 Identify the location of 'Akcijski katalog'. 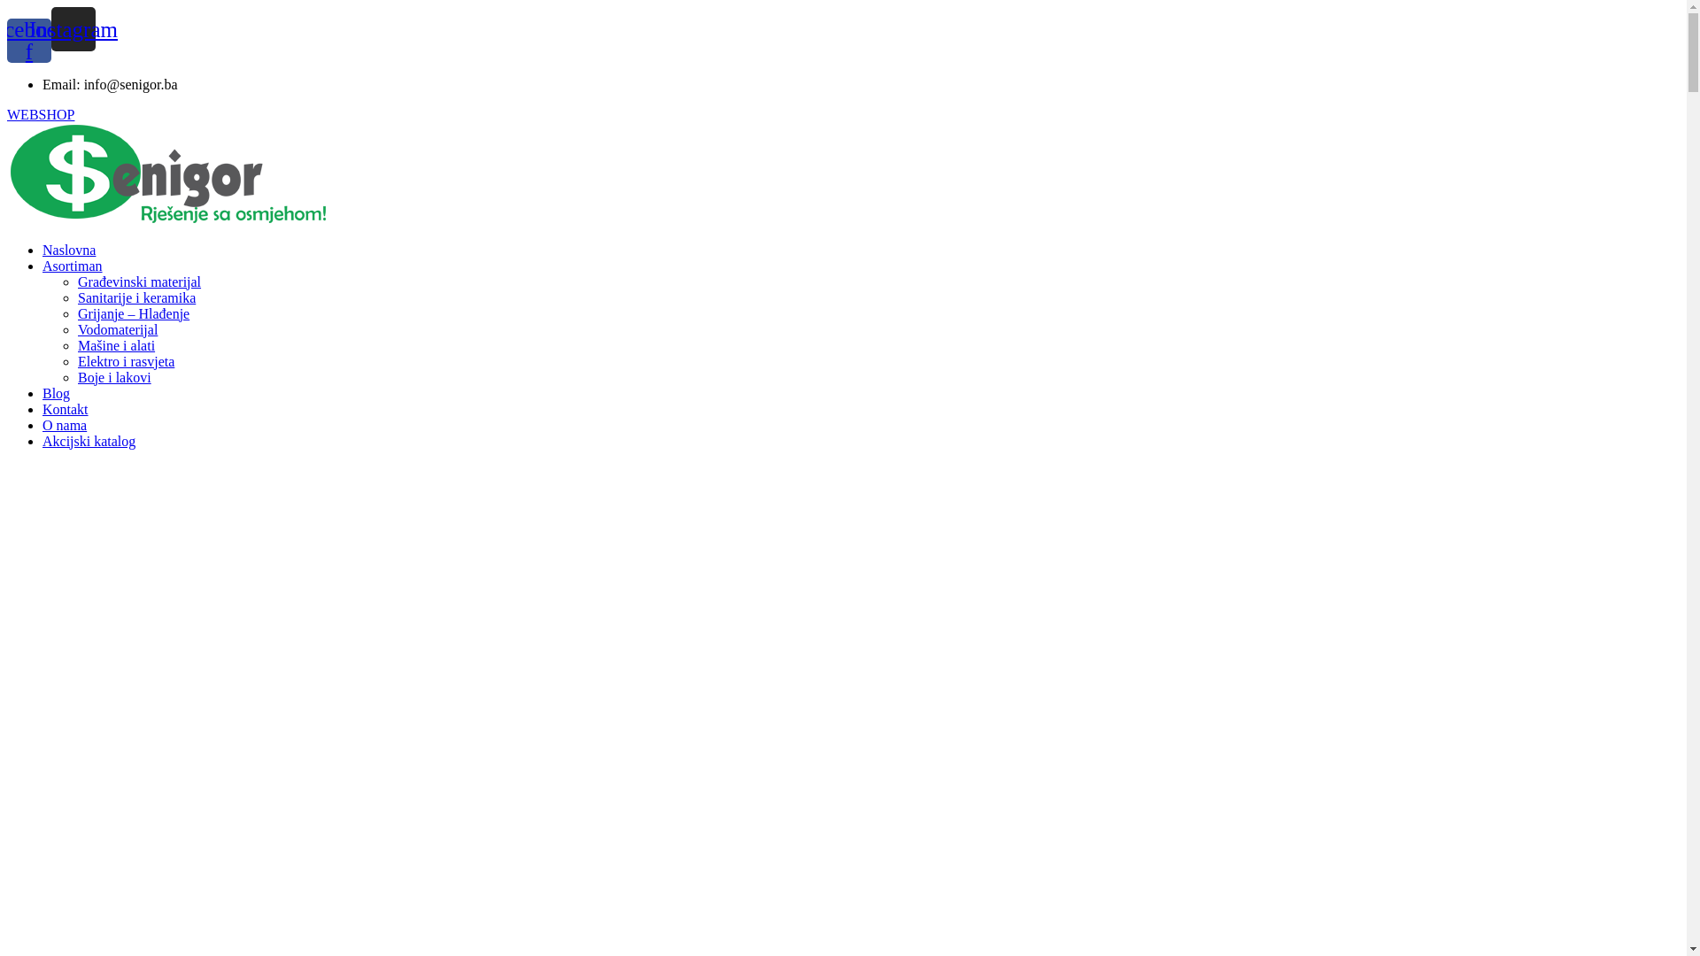
(42, 440).